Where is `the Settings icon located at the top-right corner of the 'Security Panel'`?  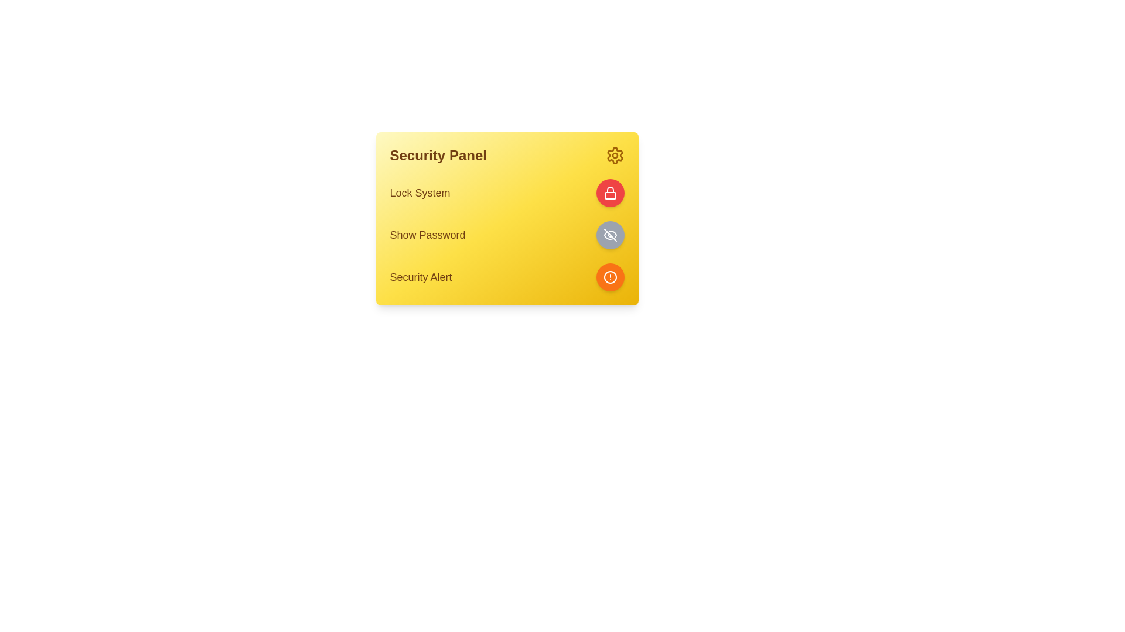 the Settings icon located at the top-right corner of the 'Security Panel' is located at coordinates (614, 155).